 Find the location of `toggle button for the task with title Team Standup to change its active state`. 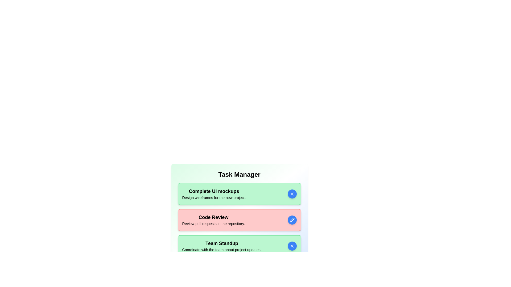

toggle button for the task with title Team Standup to change its active state is located at coordinates (292, 246).